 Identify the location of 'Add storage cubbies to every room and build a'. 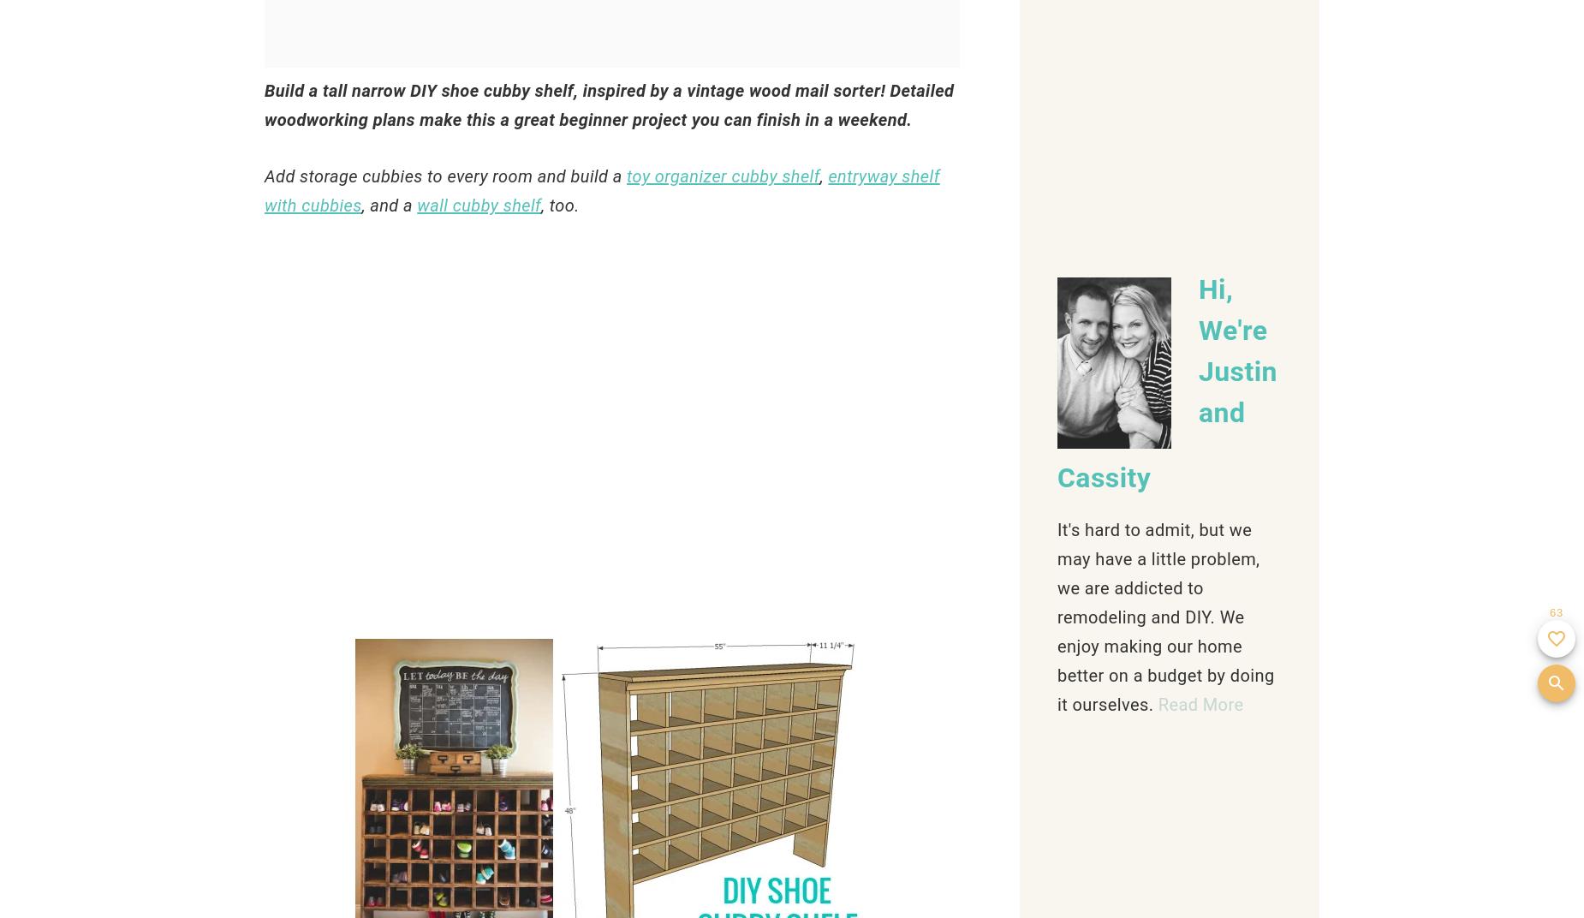
(445, 176).